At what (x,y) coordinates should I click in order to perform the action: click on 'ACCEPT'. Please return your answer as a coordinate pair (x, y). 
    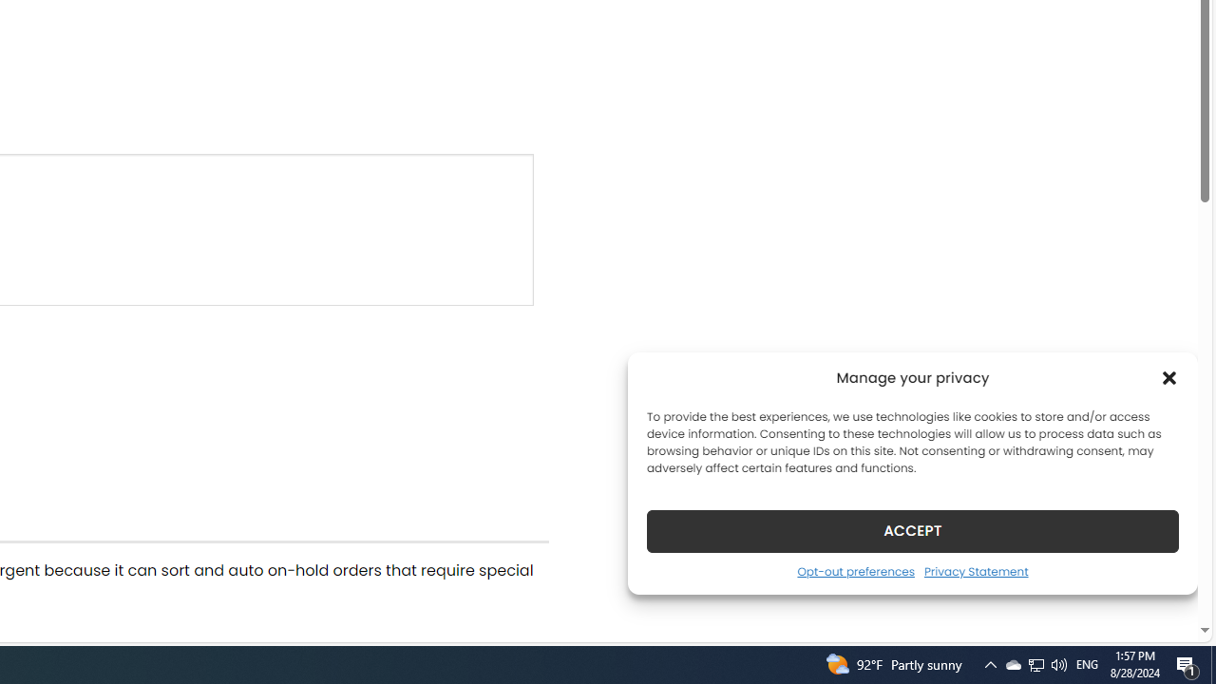
    Looking at the image, I should click on (913, 530).